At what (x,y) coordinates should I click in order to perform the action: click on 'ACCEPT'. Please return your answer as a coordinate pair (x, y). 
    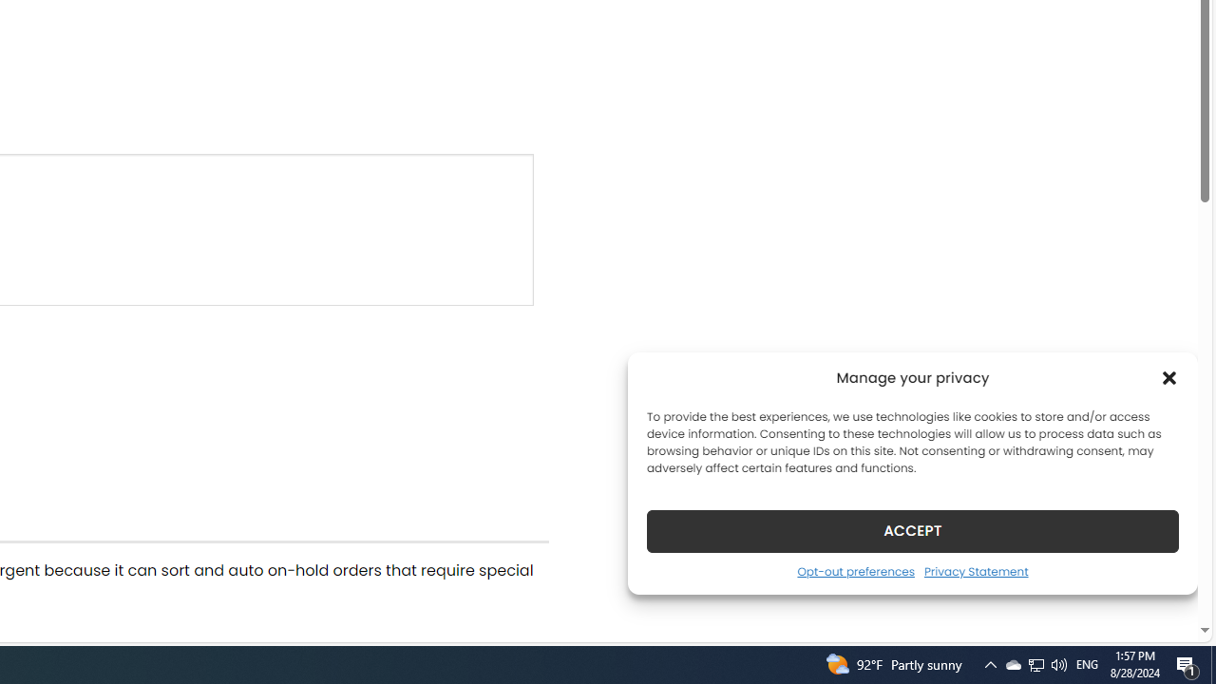
    Looking at the image, I should click on (913, 530).